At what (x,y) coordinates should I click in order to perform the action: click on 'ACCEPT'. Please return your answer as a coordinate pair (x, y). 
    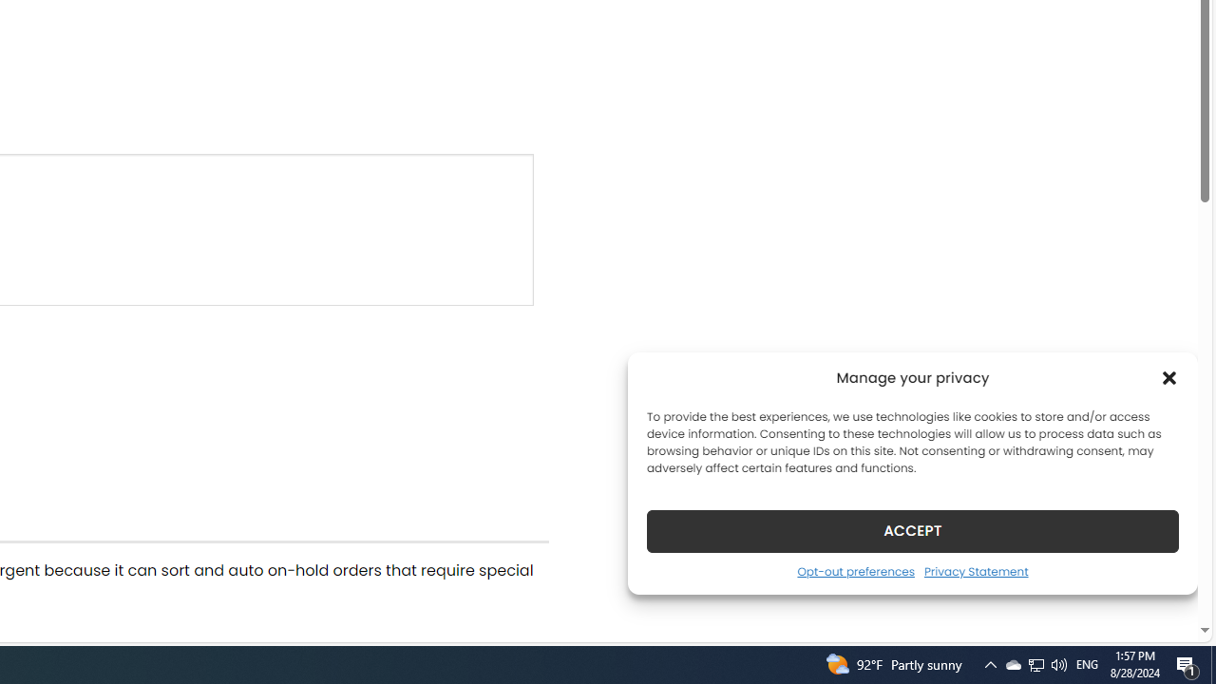
    Looking at the image, I should click on (913, 530).